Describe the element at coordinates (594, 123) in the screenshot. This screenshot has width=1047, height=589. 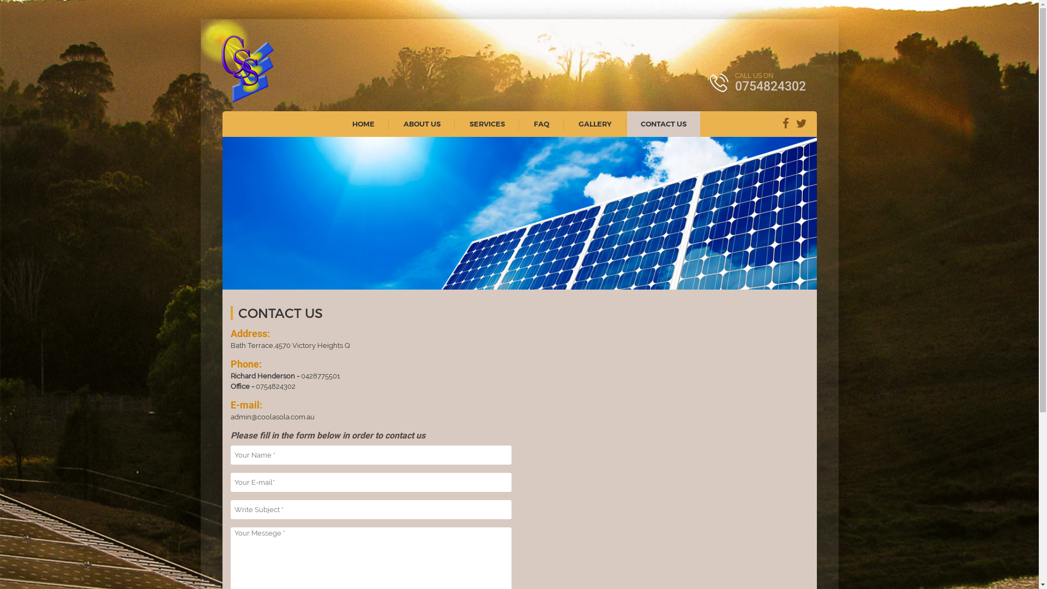
I see `'GALLERY'` at that location.